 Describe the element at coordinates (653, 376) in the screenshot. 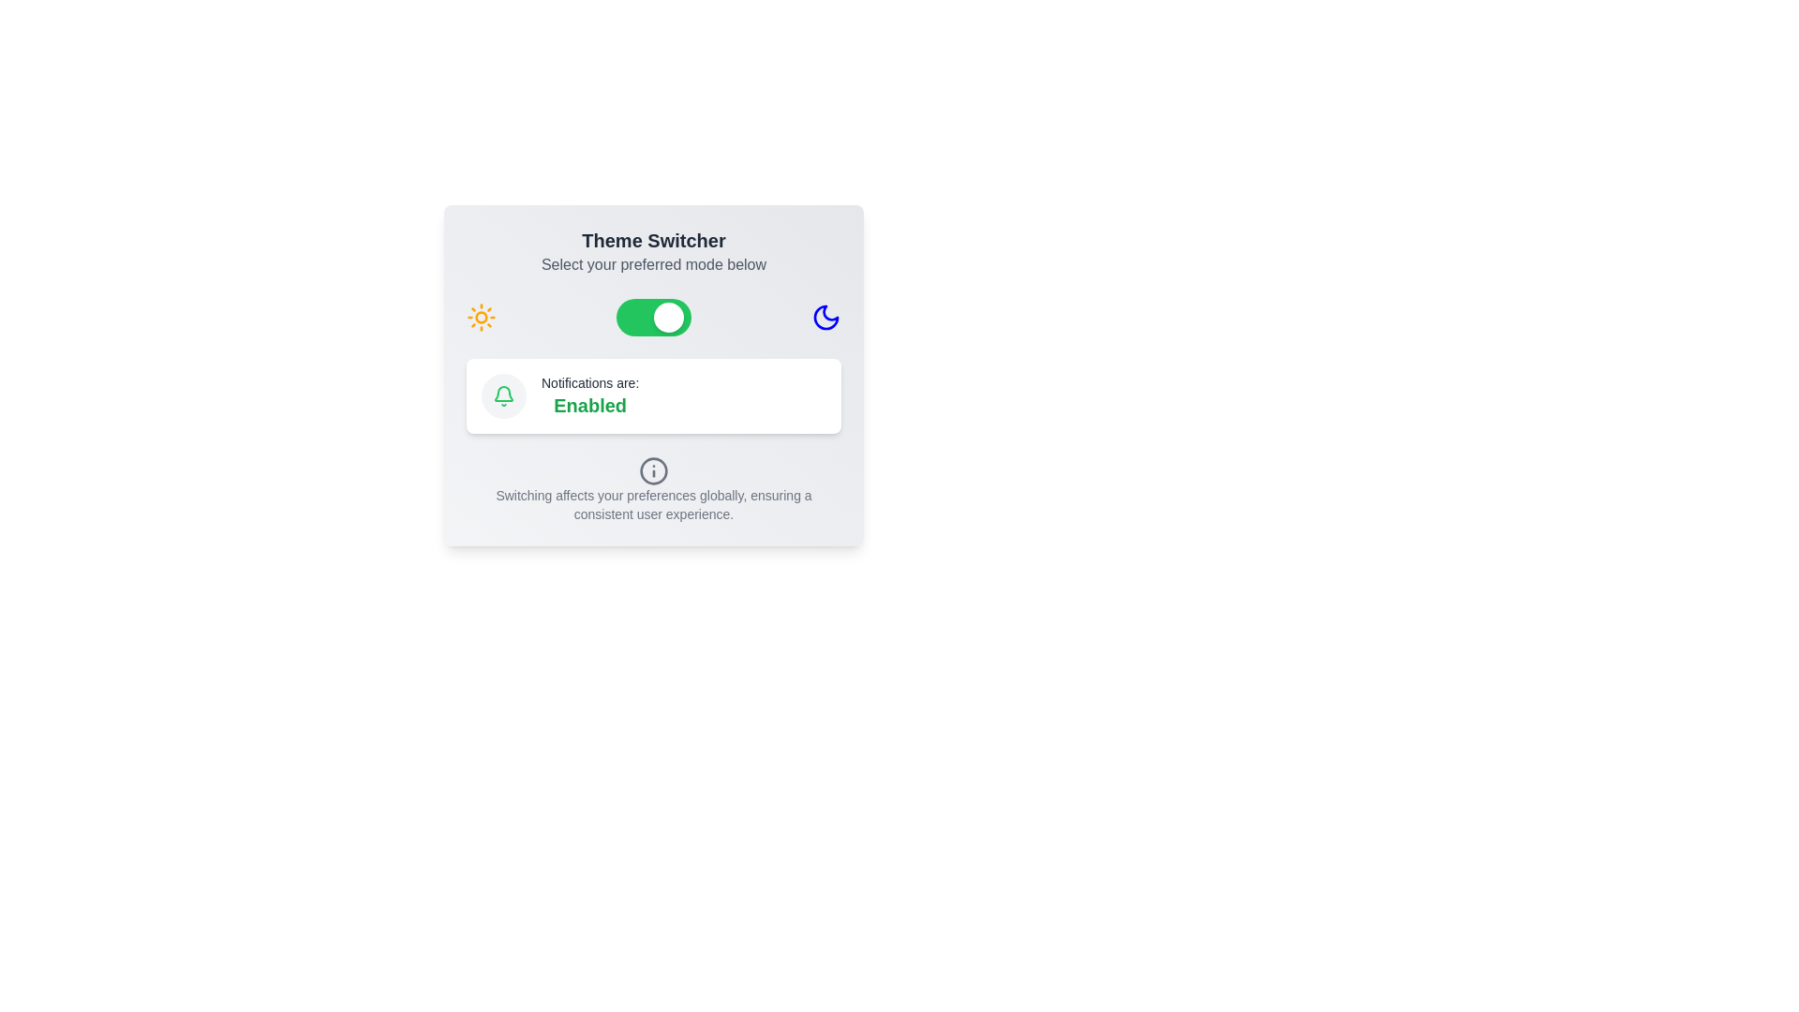

I see `the informational and interactive panel that serves as a theme selection feature and displays notification status by moving the cursor to its center point` at that location.